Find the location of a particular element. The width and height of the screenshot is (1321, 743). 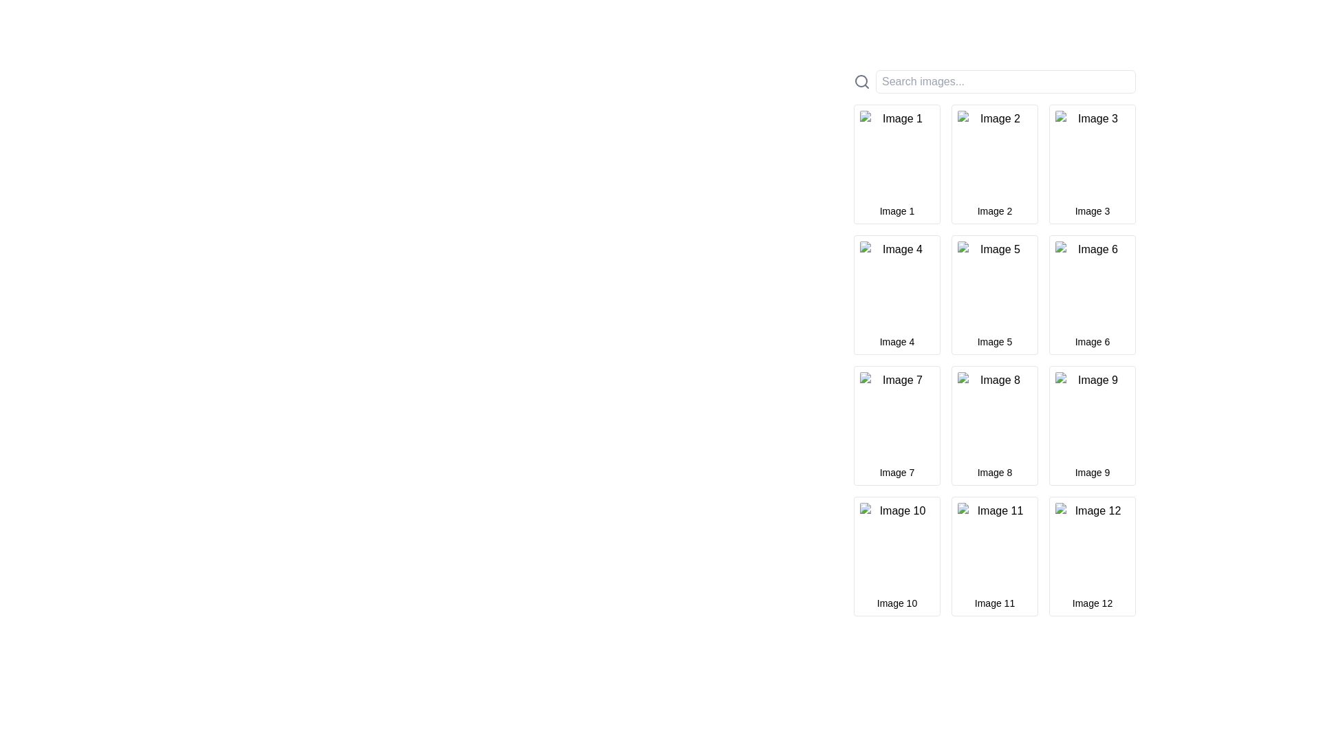

the text label displaying 'Image 9', which is centered below an image thumbnail in the third column and third row of the grid structure is located at coordinates (1092, 471).